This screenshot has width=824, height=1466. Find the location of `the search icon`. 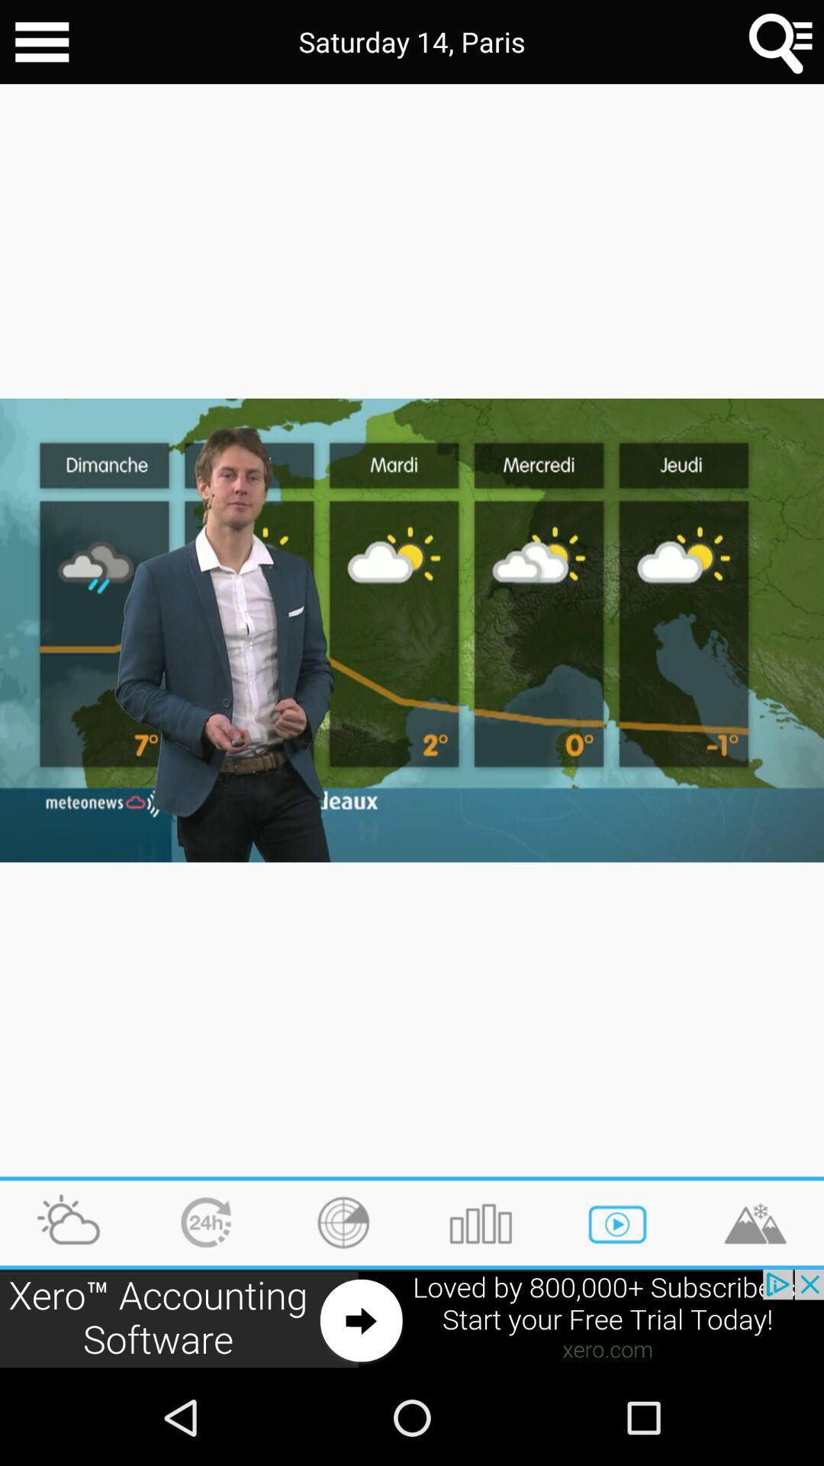

the search icon is located at coordinates (781, 44).